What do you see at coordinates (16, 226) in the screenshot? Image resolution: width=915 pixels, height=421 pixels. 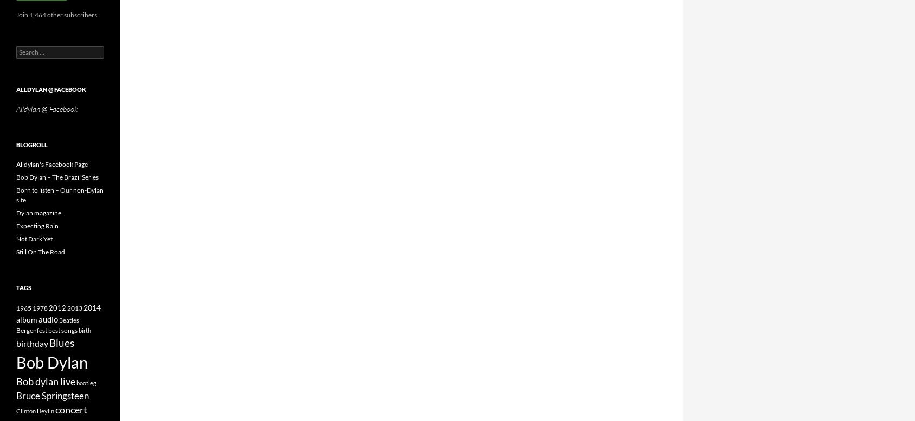 I see `'Expecting Rain'` at bounding box center [16, 226].